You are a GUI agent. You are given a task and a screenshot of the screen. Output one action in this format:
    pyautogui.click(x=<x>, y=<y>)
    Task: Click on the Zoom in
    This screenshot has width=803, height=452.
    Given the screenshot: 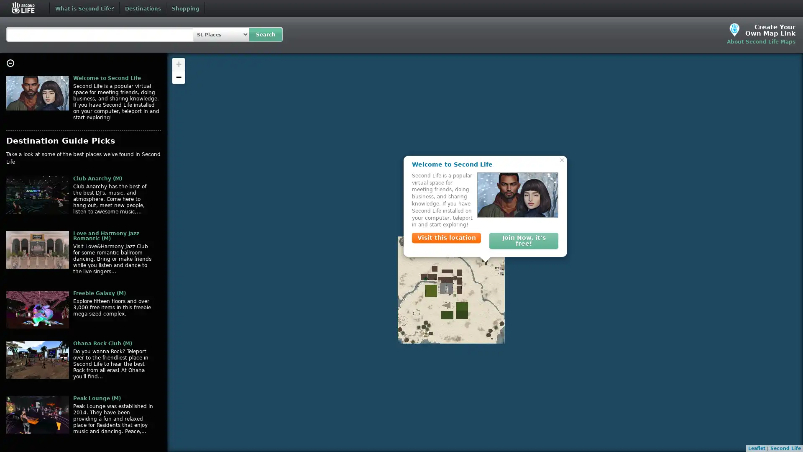 What is the action you would take?
    pyautogui.click(x=178, y=64)
    